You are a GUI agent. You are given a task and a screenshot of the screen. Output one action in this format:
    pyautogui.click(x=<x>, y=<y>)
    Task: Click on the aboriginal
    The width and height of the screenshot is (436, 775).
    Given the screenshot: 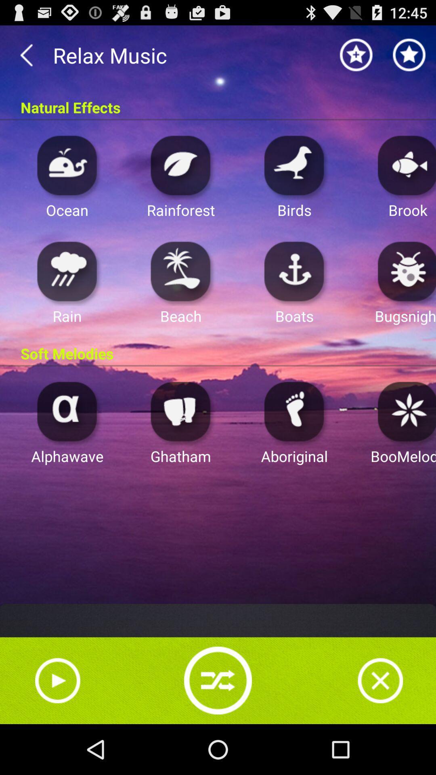 What is the action you would take?
    pyautogui.click(x=294, y=411)
    